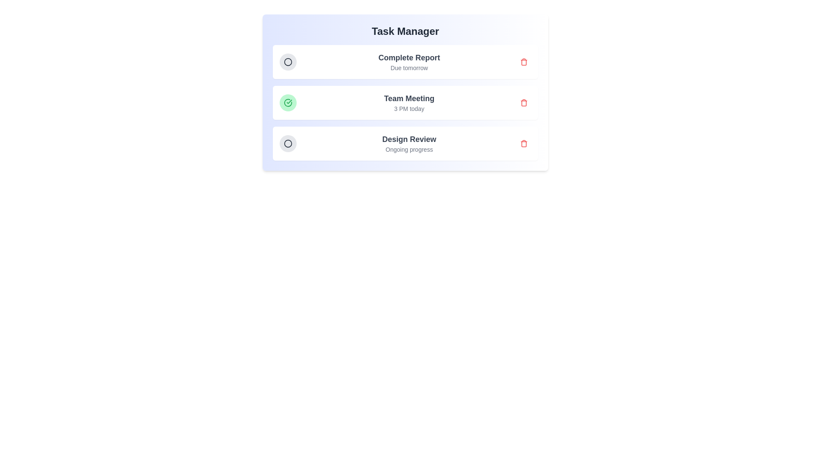  Describe the element at coordinates (288, 143) in the screenshot. I see `the SVG circle component located within the task list interface to change its state` at that location.